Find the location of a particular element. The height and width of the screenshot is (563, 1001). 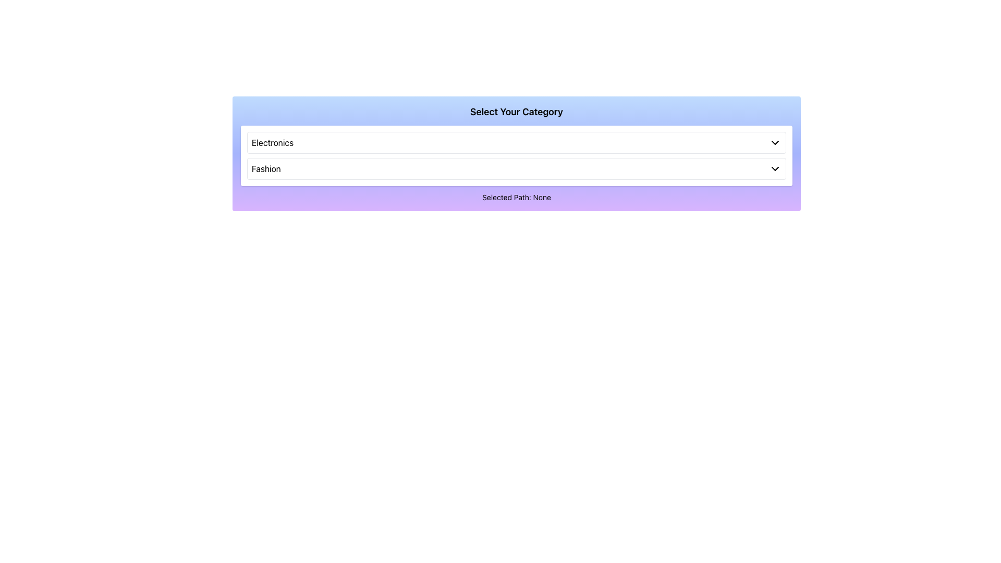

the icon located on the top dropdown entry labeled 'Electronics' is located at coordinates (775, 142).